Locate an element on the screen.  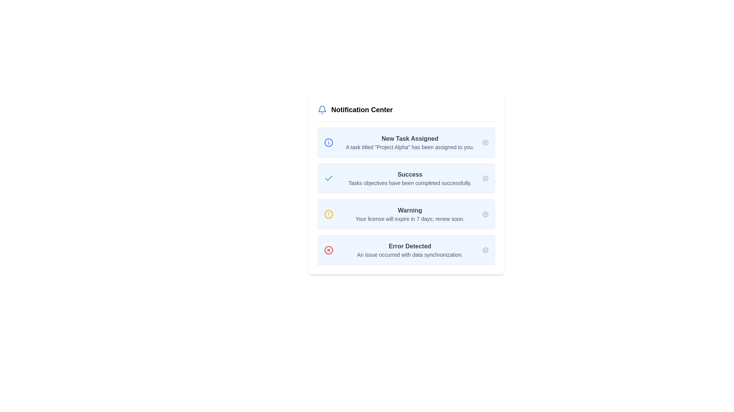
the dismiss button located at the far-right of the 'Error Detected' notification alert to change its appearance is located at coordinates (485, 250).